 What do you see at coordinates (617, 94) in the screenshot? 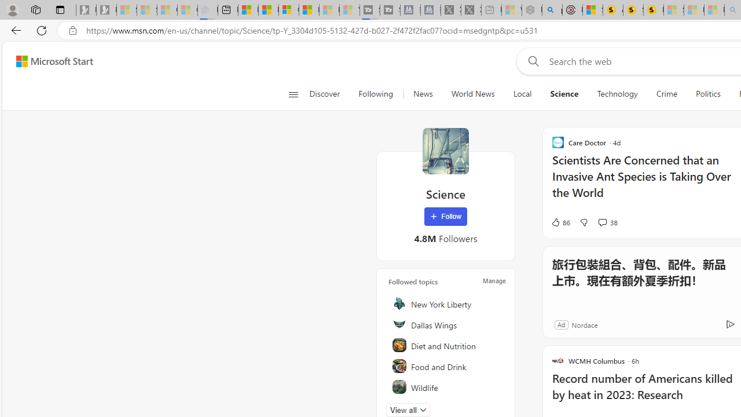
I see `'Technology'` at bounding box center [617, 94].